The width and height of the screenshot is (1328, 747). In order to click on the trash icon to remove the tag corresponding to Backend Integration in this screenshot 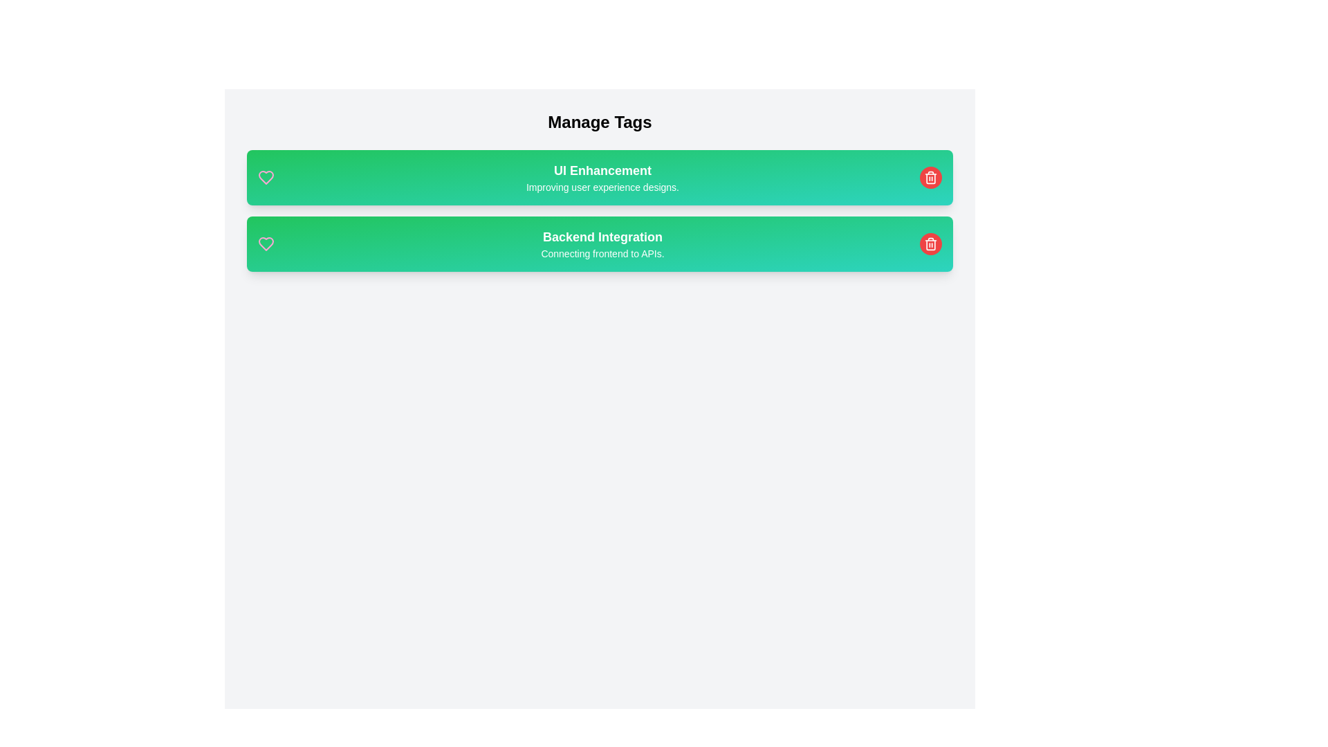, I will do `click(930, 243)`.